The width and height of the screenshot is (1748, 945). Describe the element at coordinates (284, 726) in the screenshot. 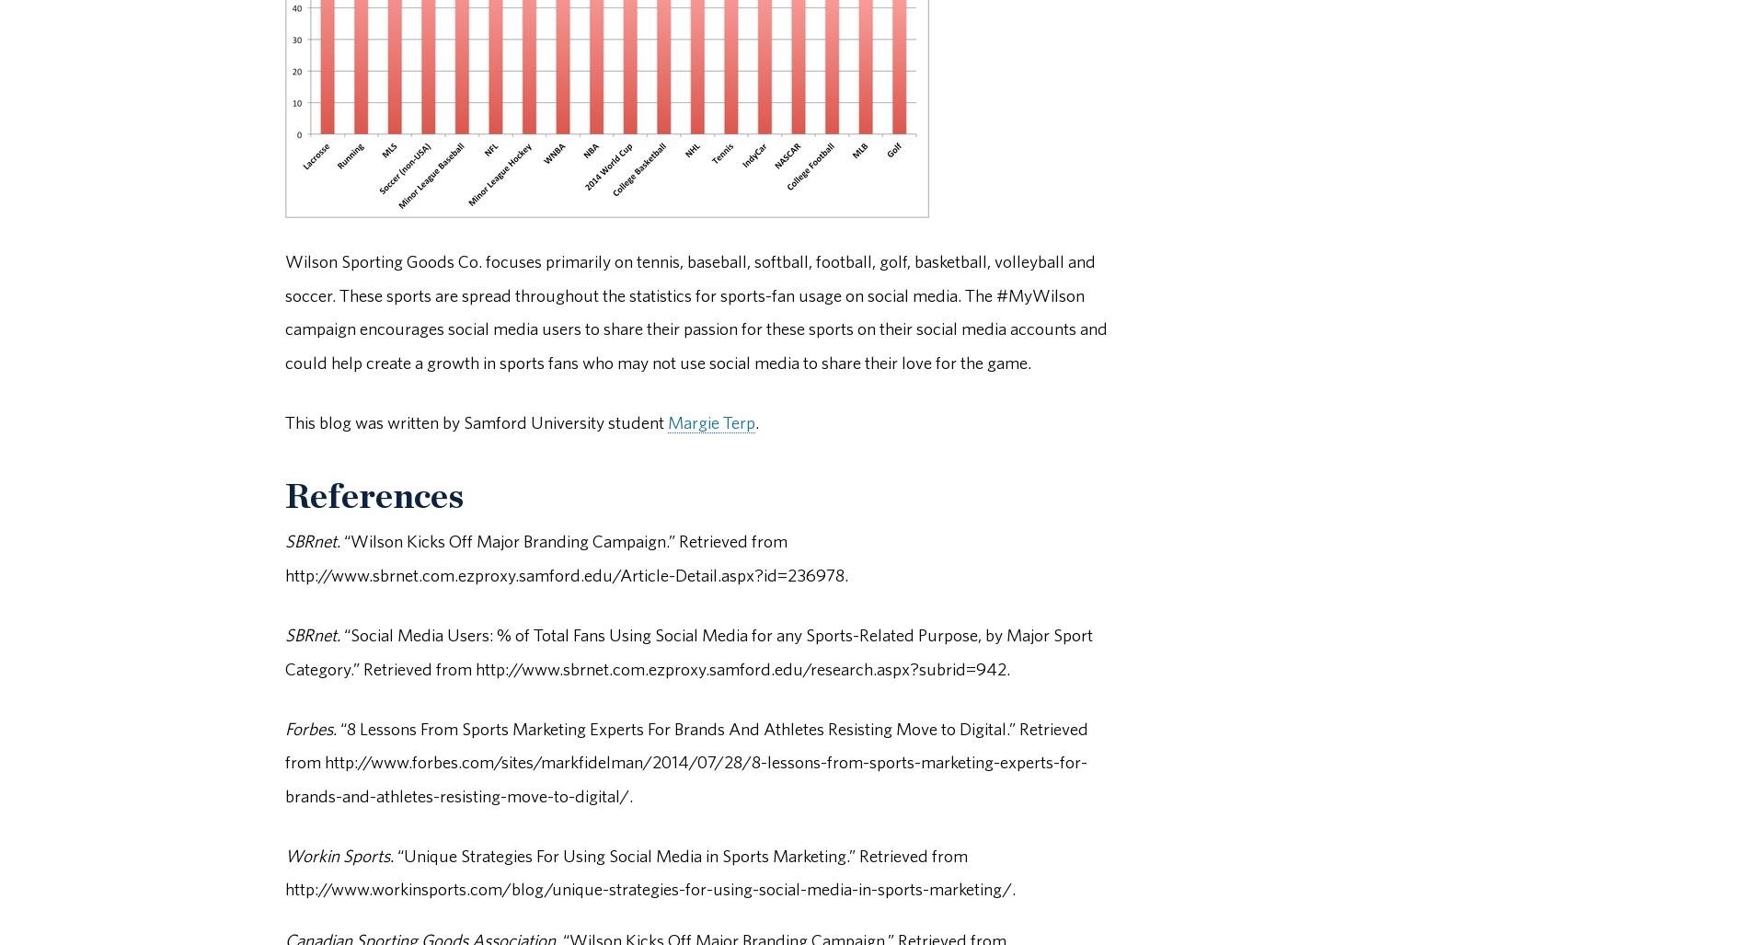

I see `'Forbes.'` at that location.